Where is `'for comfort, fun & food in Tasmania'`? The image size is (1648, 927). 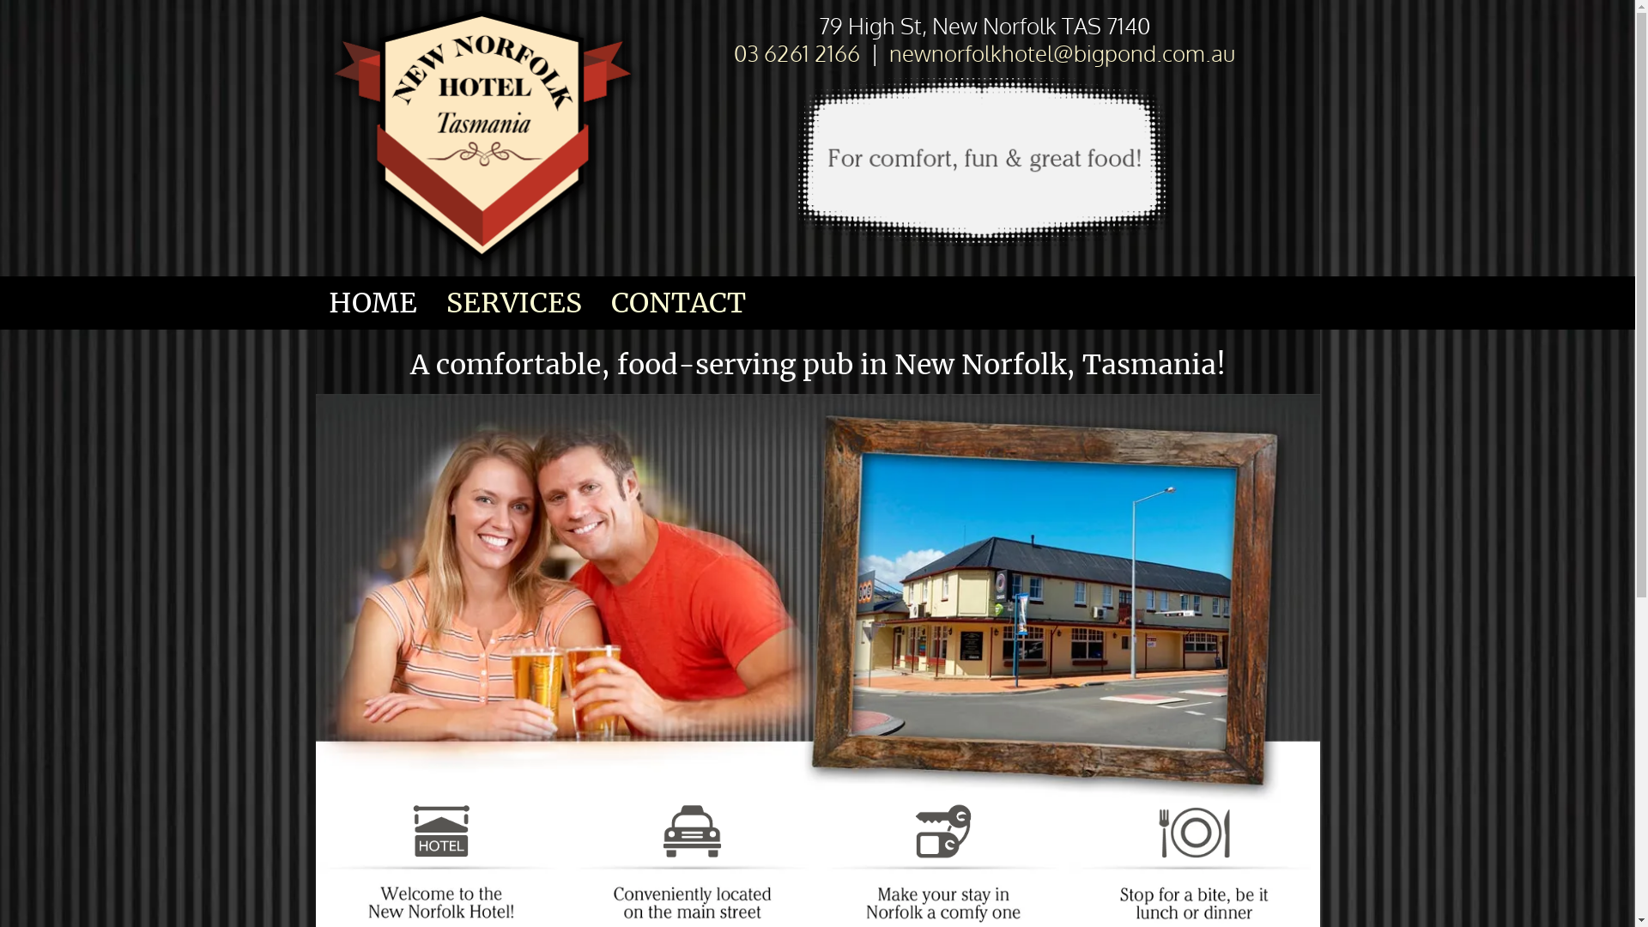 'for comfort, fun & food in Tasmania' is located at coordinates (985, 161).